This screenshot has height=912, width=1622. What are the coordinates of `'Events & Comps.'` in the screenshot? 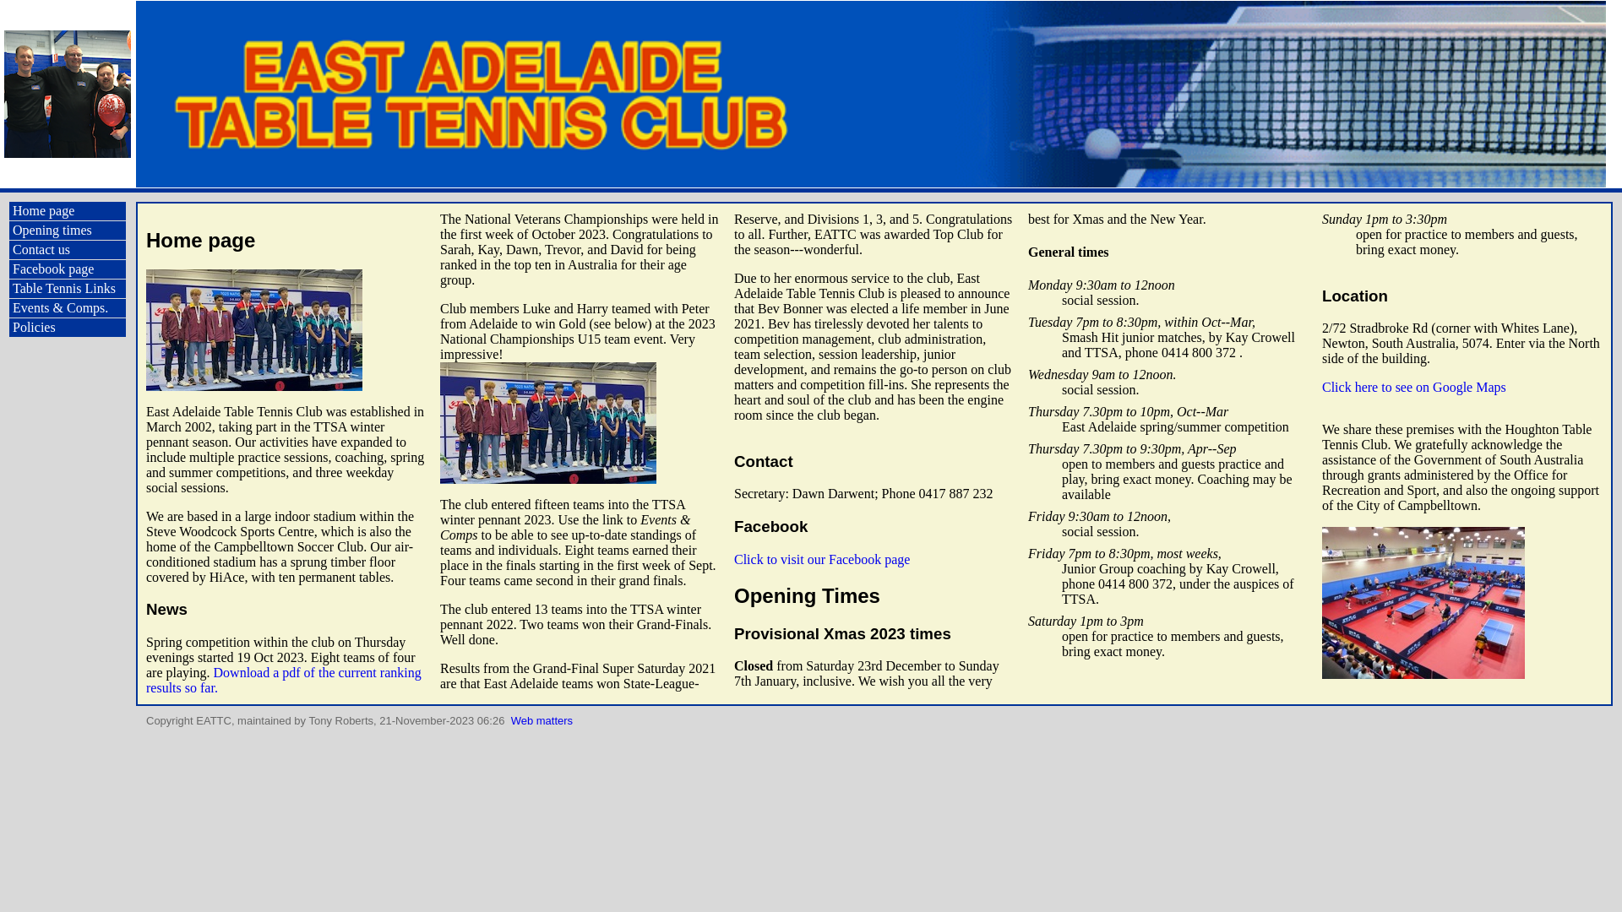 It's located at (8, 308).